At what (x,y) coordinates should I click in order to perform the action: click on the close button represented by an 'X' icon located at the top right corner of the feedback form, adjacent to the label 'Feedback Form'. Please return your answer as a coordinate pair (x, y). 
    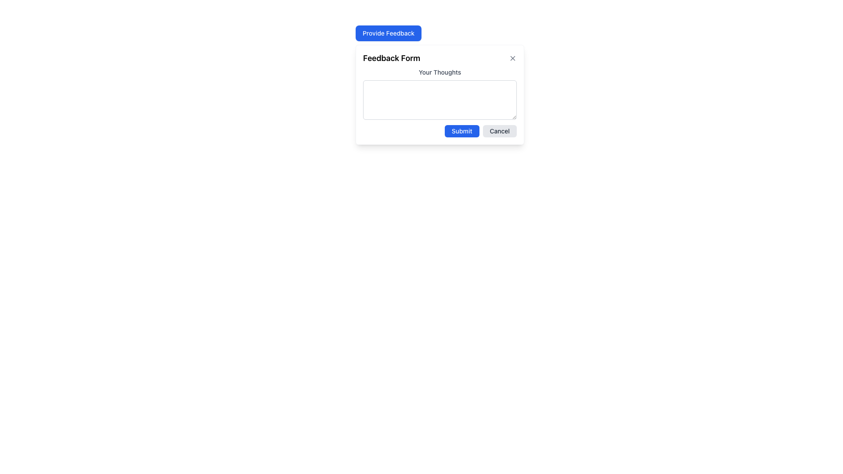
    Looking at the image, I should click on (512, 58).